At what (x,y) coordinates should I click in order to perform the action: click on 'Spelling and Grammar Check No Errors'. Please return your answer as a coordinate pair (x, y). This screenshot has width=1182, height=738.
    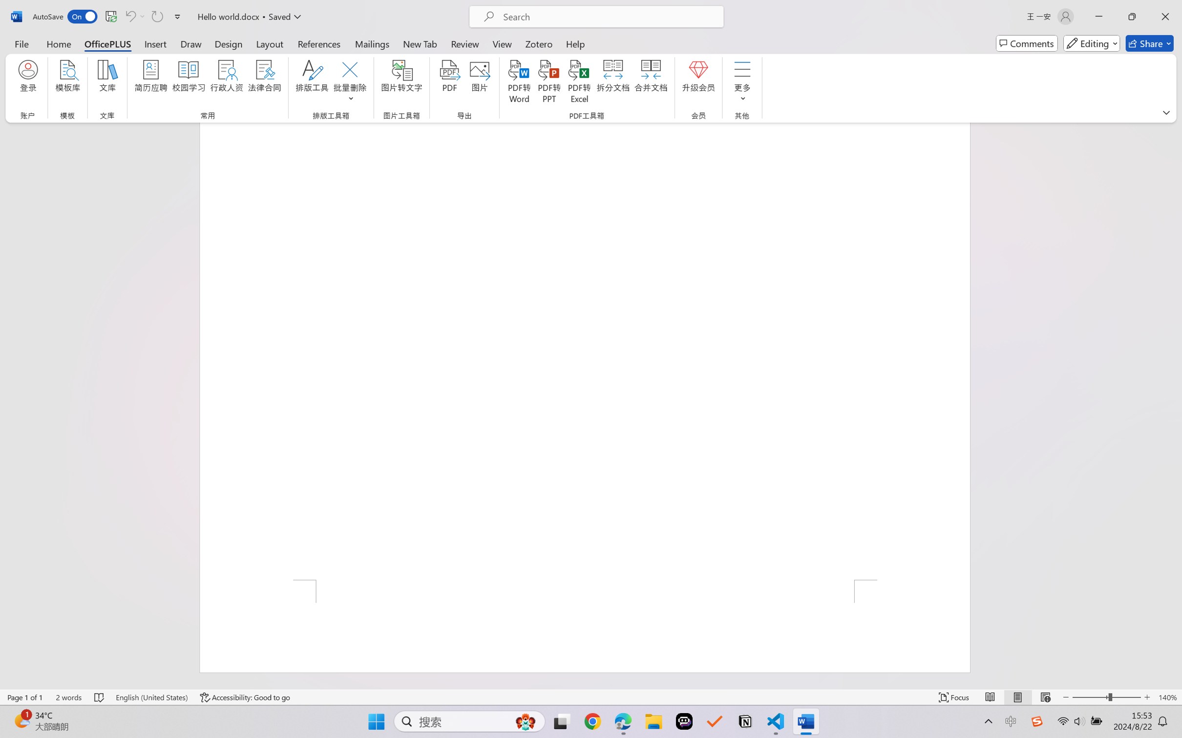
    Looking at the image, I should click on (99, 697).